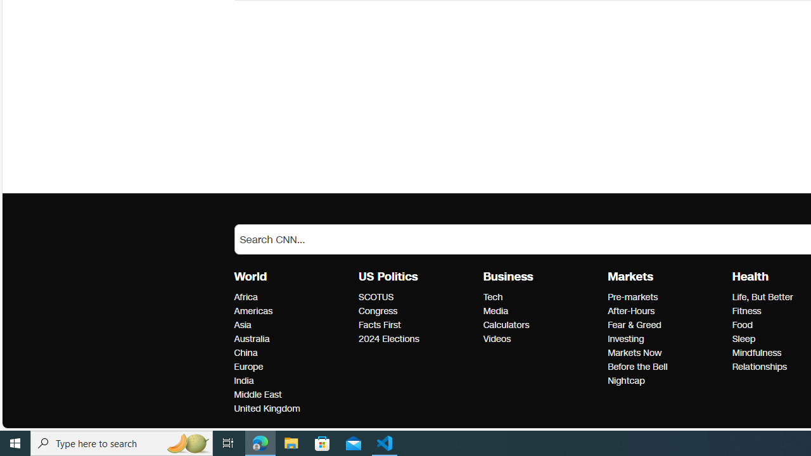  I want to click on 'Health Relationships', so click(759, 367).